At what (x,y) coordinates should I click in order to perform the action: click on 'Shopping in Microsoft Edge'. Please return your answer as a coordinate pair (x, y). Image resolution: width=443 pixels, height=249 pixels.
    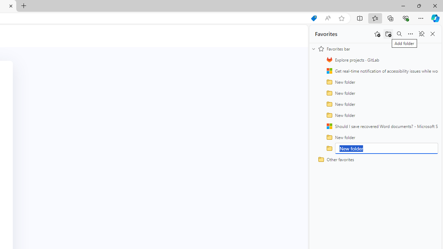
    Looking at the image, I should click on (313, 18).